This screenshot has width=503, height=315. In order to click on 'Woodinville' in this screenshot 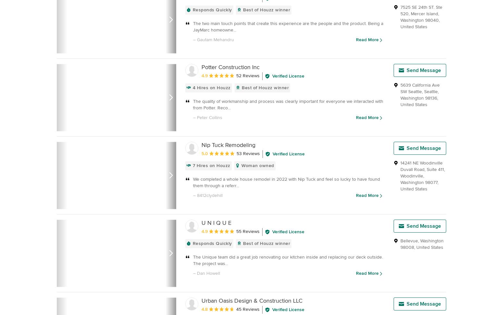, I will do `click(411, 176)`.